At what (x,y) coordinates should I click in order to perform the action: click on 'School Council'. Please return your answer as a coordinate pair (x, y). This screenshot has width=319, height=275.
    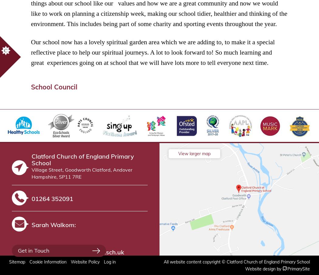
    Looking at the image, I should click on (54, 86).